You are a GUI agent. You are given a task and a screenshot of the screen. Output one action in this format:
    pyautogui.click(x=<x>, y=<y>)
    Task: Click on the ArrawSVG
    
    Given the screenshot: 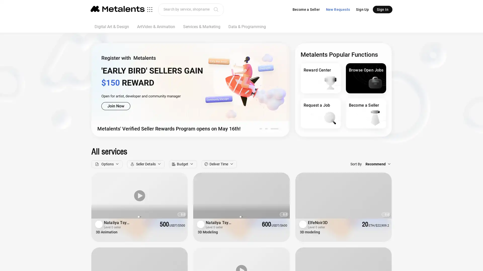 What is the action you would take?
    pyautogui.click(x=281, y=195)
    